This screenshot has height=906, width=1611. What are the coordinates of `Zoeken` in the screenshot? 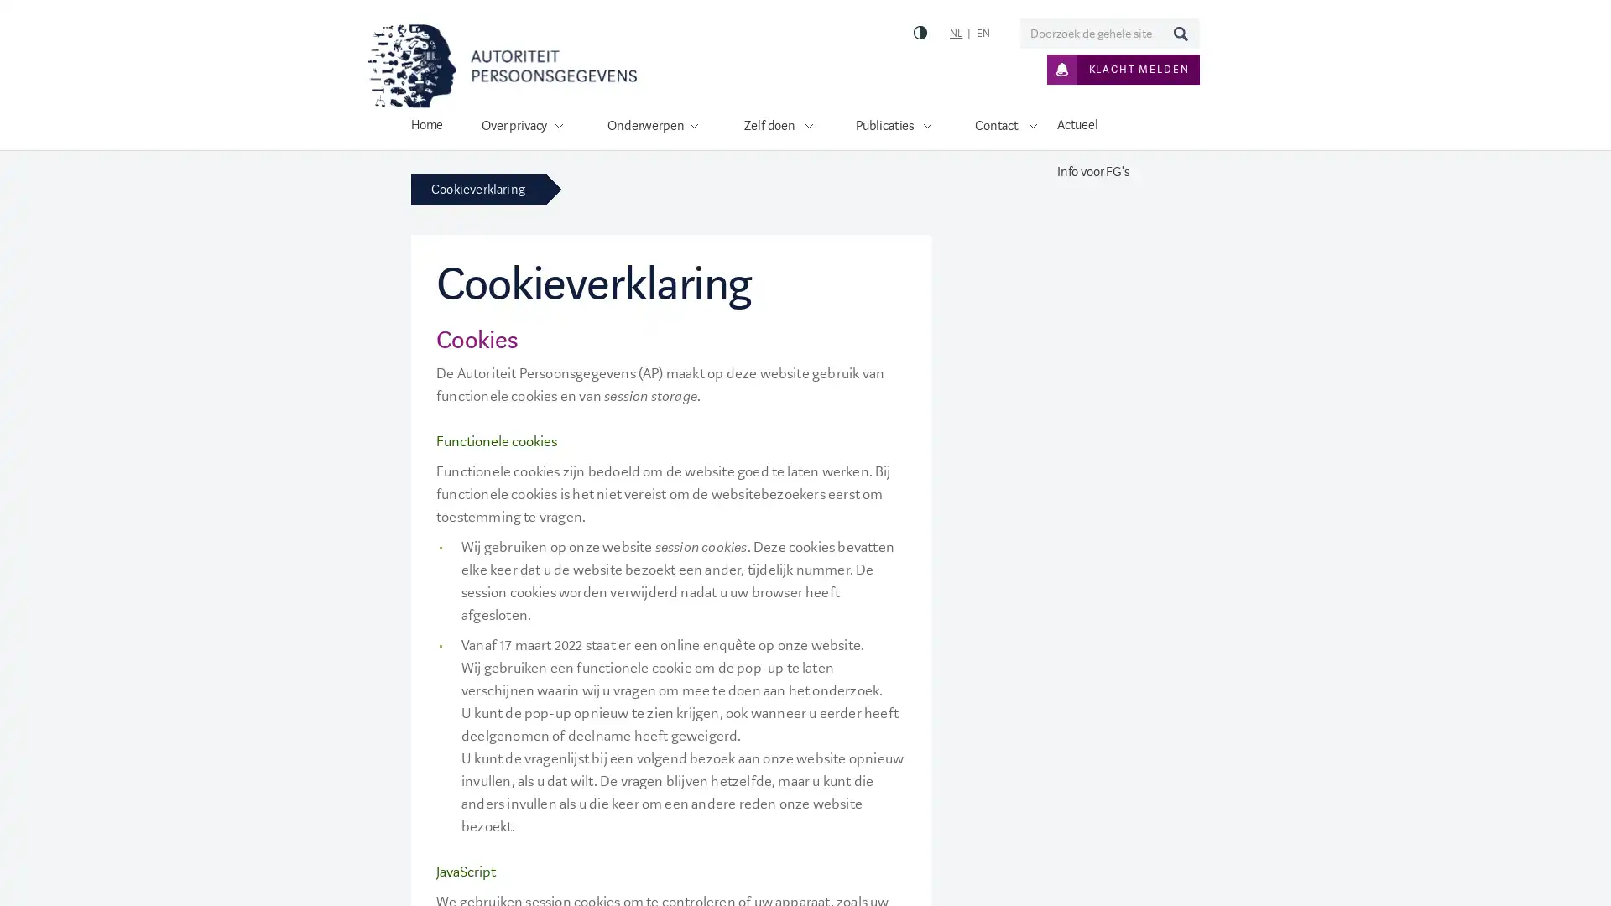 It's located at (1179, 33).